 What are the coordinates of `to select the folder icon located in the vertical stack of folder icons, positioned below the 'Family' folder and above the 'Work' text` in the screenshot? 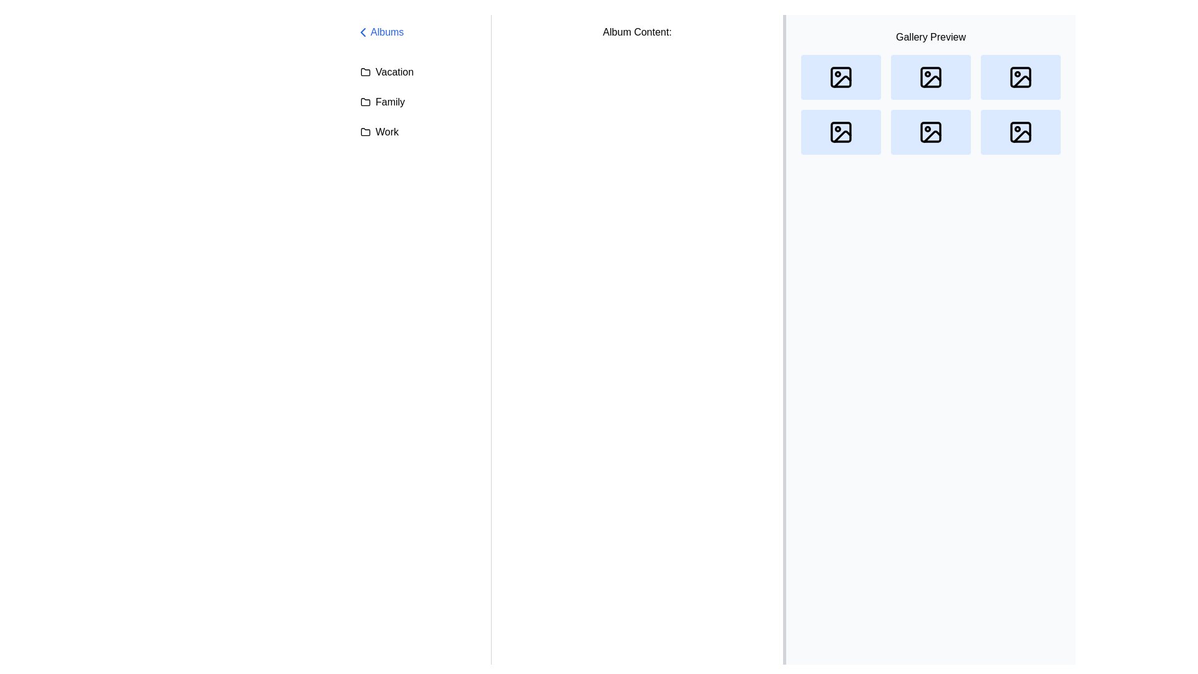 It's located at (364, 132).